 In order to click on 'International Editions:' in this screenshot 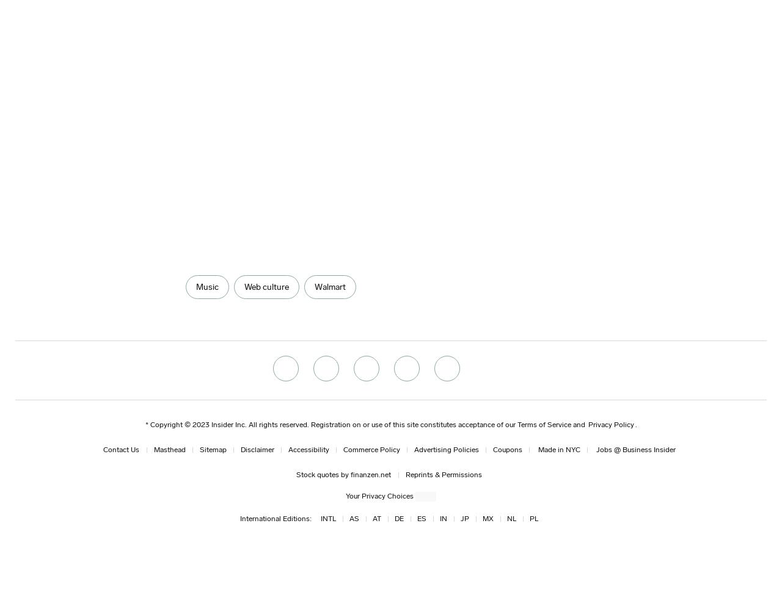, I will do `click(275, 517)`.